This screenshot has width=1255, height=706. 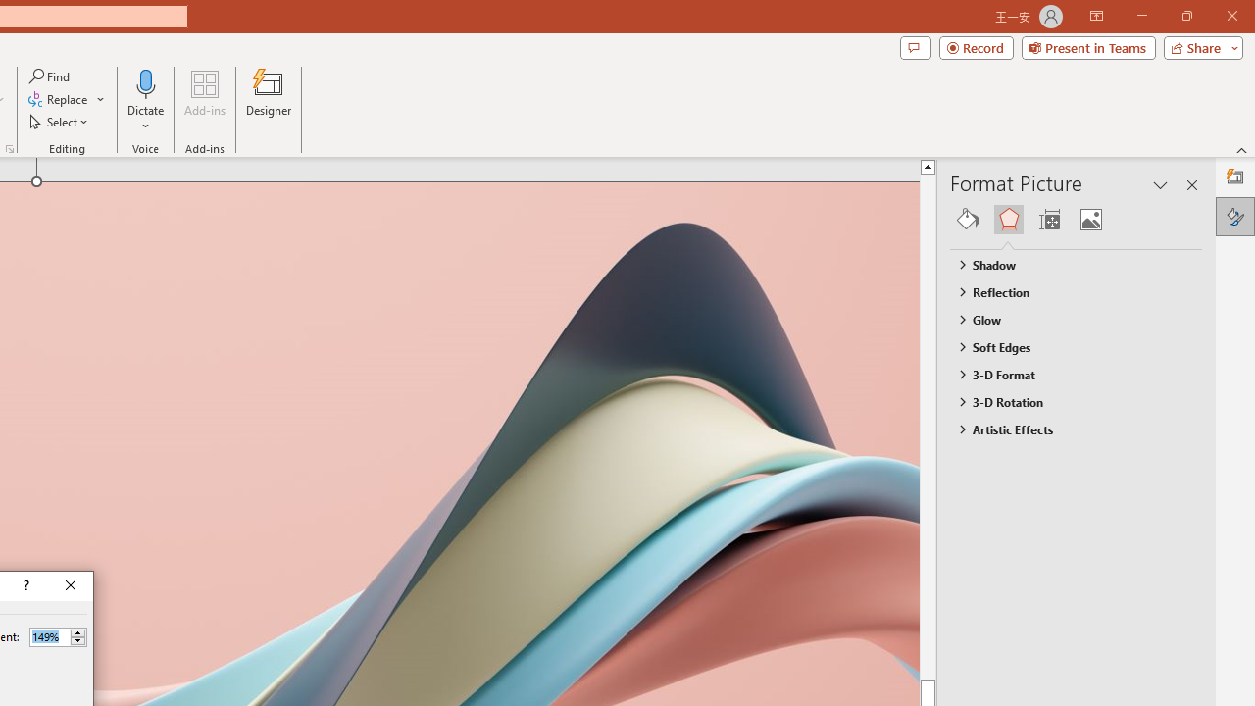 I want to click on 'Size & Properties', so click(x=1048, y=219).